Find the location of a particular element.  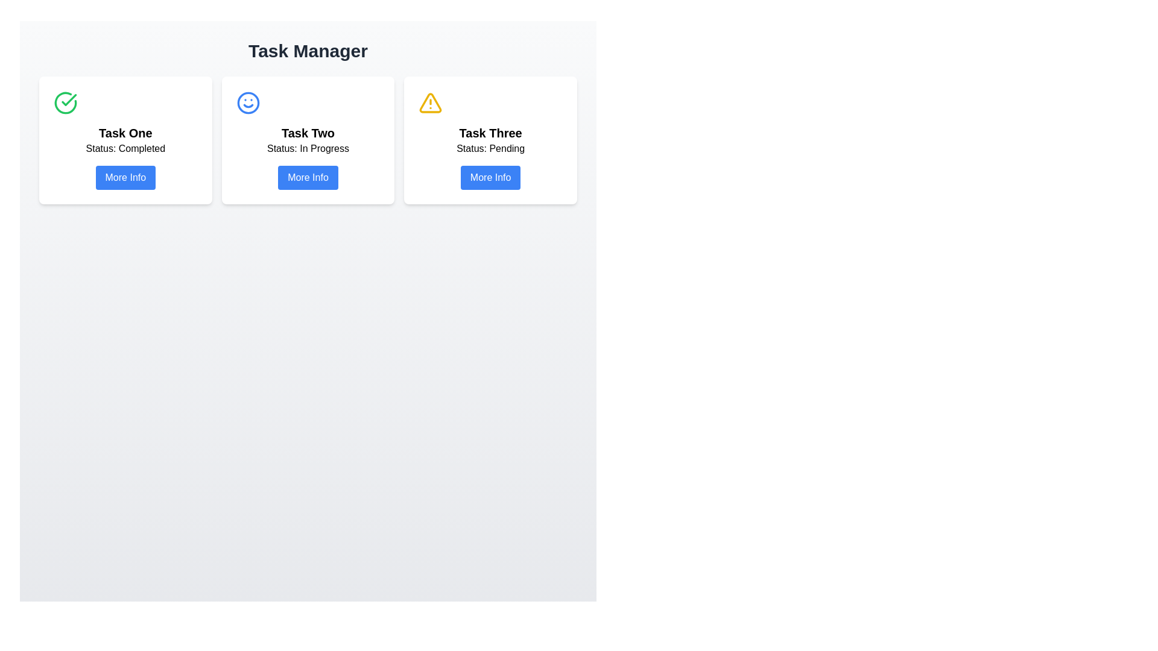

the static text label displaying 'Status: Completed', which is located beneath the title 'Task One' and above the 'More Info' button within the first task card is located at coordinates (125, 148).